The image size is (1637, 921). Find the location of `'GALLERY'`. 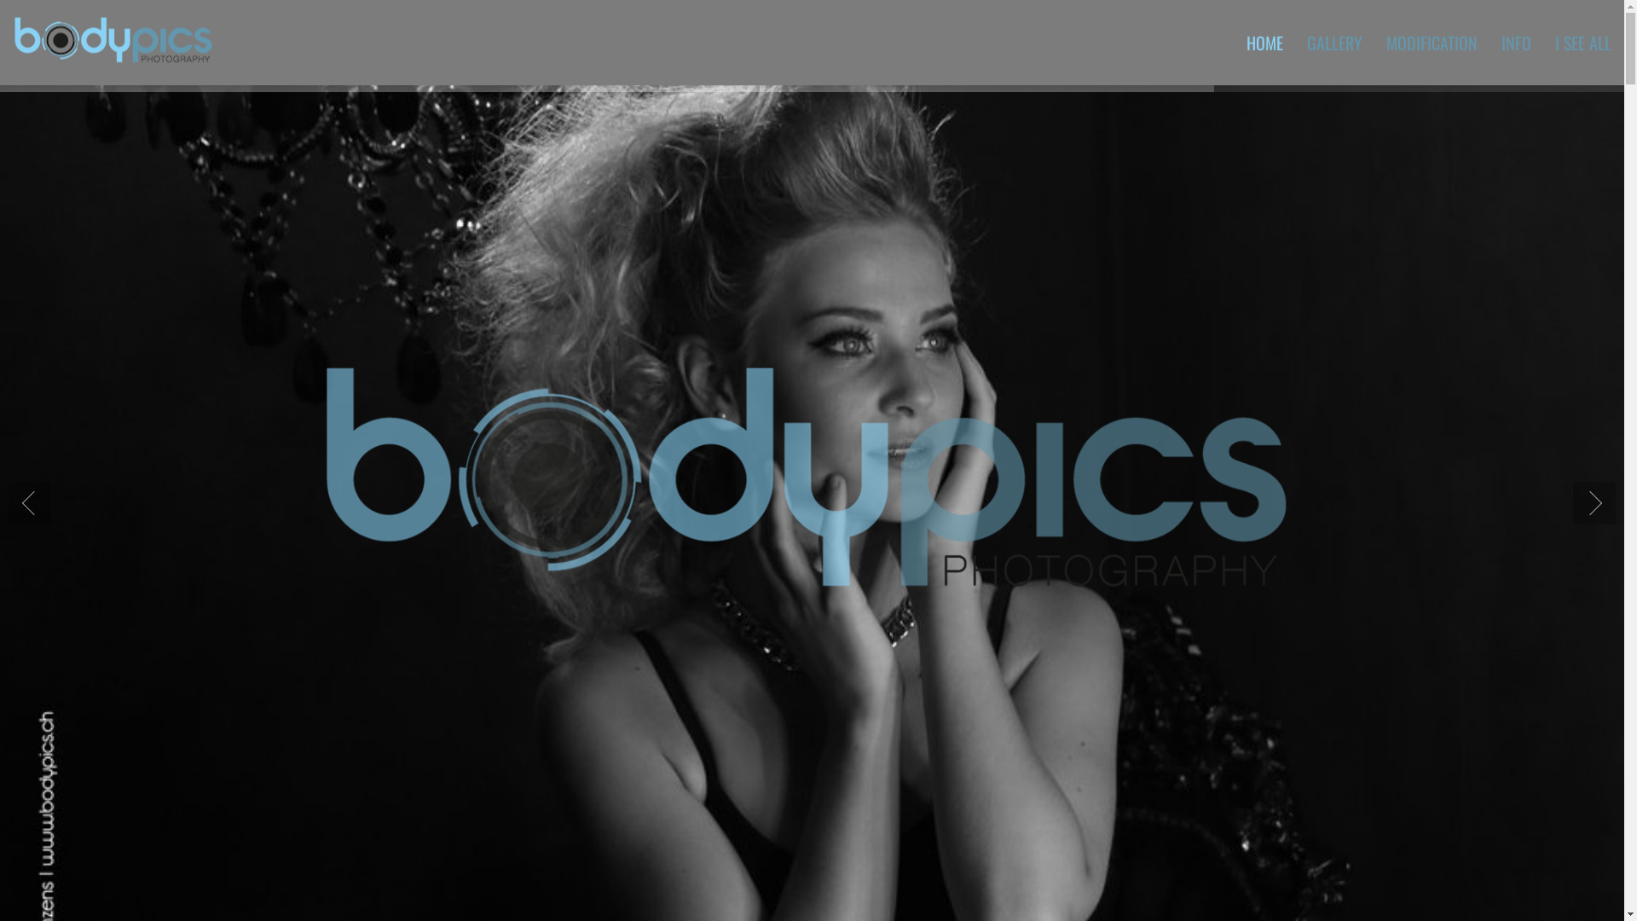

'GALLERY' is located at coordinates (1333, 42).